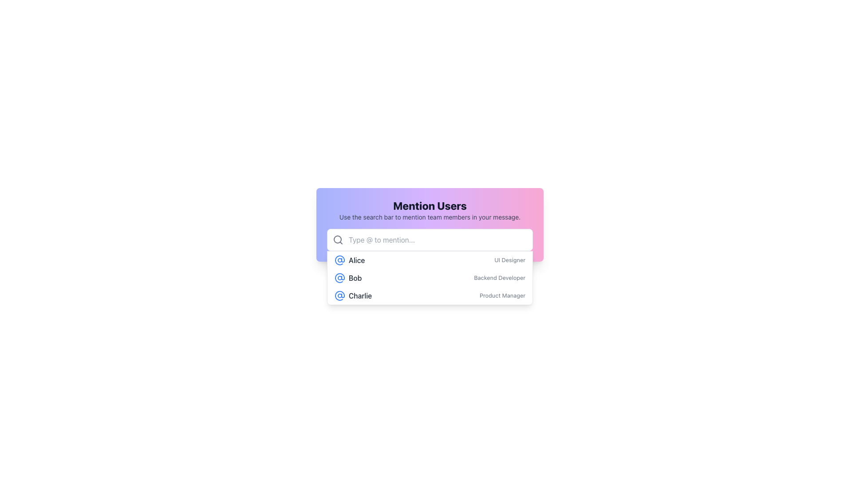 This screenshot has width=852, height=479. Describe the element at coordinates (349, 259) in the screenshot. I see `the text label displaying 'Alice', which is styled with a medium-weight font and gray color, positioned in the dropdown beneath the search bar alongside the '@' icon` at that location.